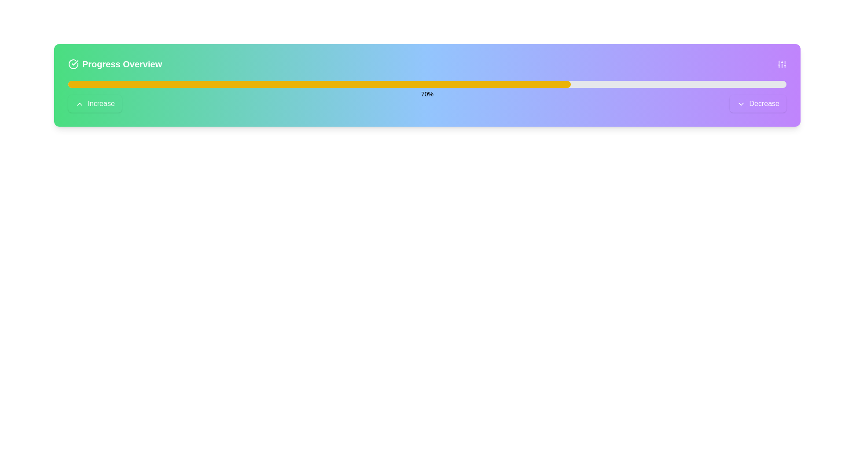 This screenshot has width=845, height=475. Describe the element at coordinates (427, 64) in the screenshot. I see `icons in the 'Progress Overview' section, which features a checkmark icon to the left and a vertical sliders icon to the right` at that location.